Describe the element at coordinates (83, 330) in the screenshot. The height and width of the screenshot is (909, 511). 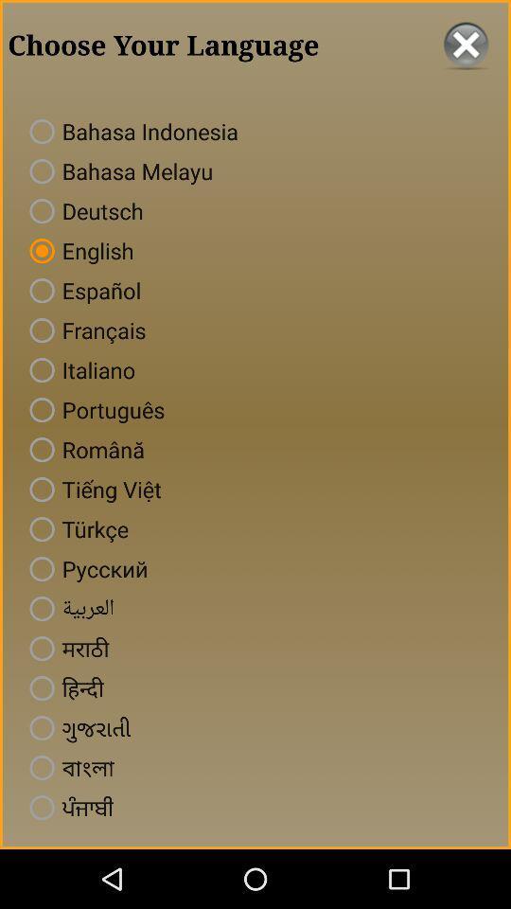
I see `francais` at that location.